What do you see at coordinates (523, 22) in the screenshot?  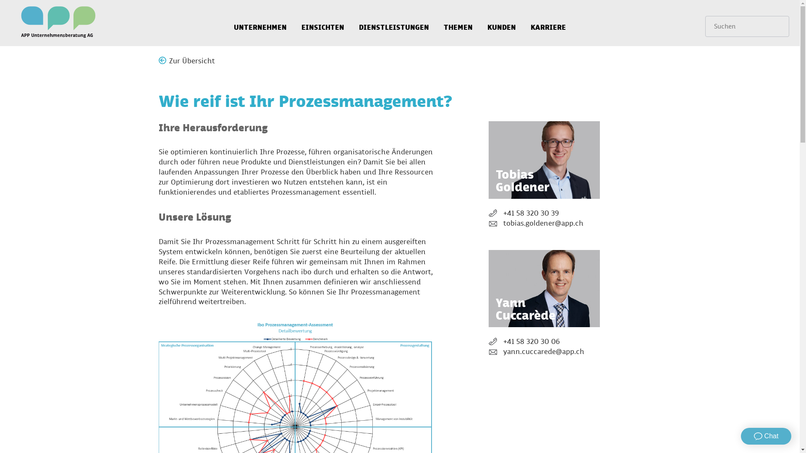 I see `'KARRIERE'` at bounding box center [523, 22].